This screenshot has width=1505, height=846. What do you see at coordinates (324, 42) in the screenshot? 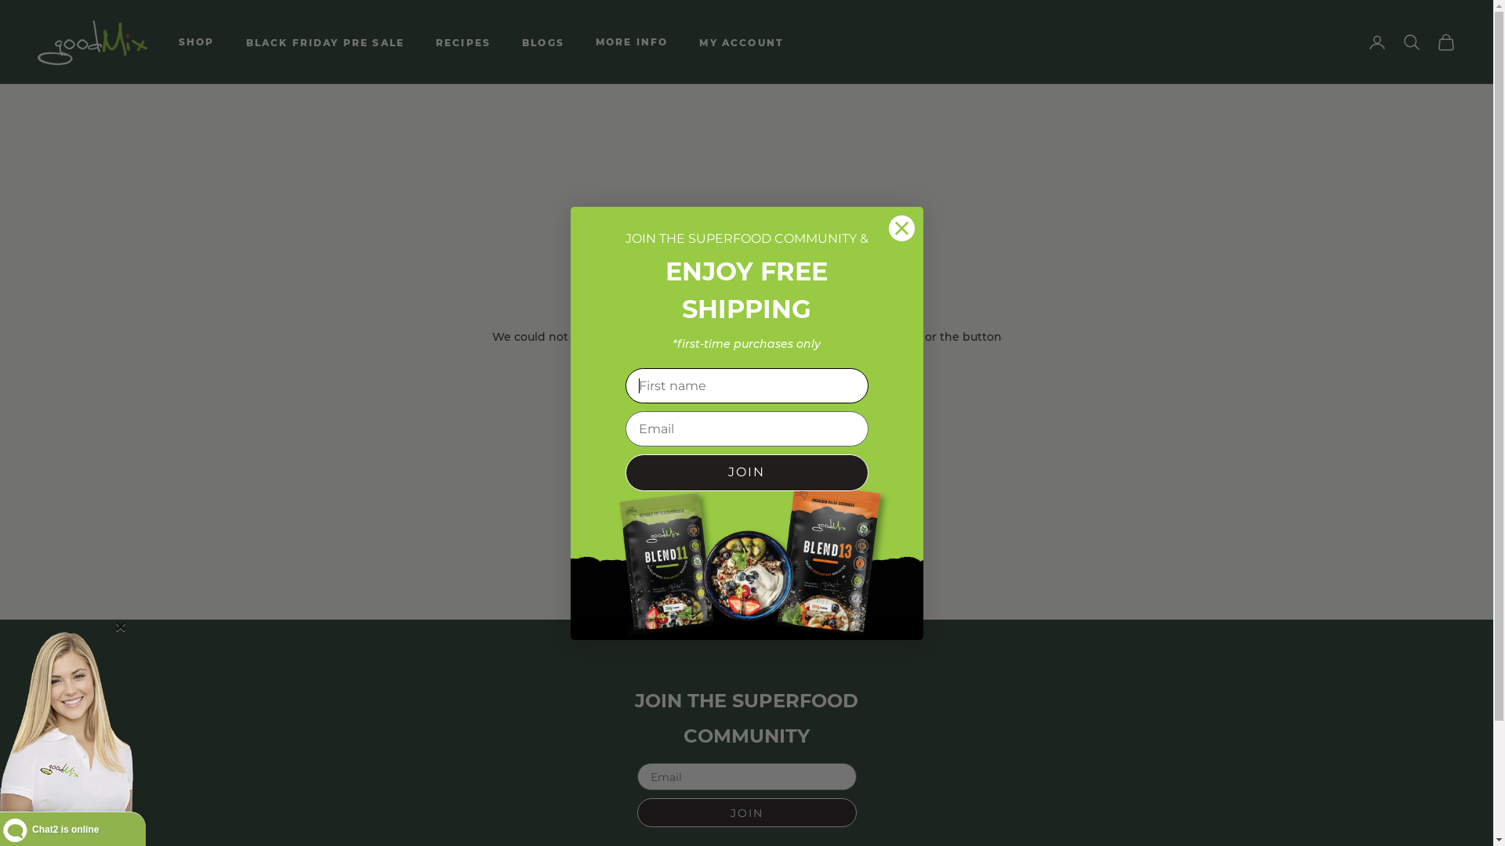
I see `'BLACK FRIDAY PRE SALE'` at bounding box center [324, 42].